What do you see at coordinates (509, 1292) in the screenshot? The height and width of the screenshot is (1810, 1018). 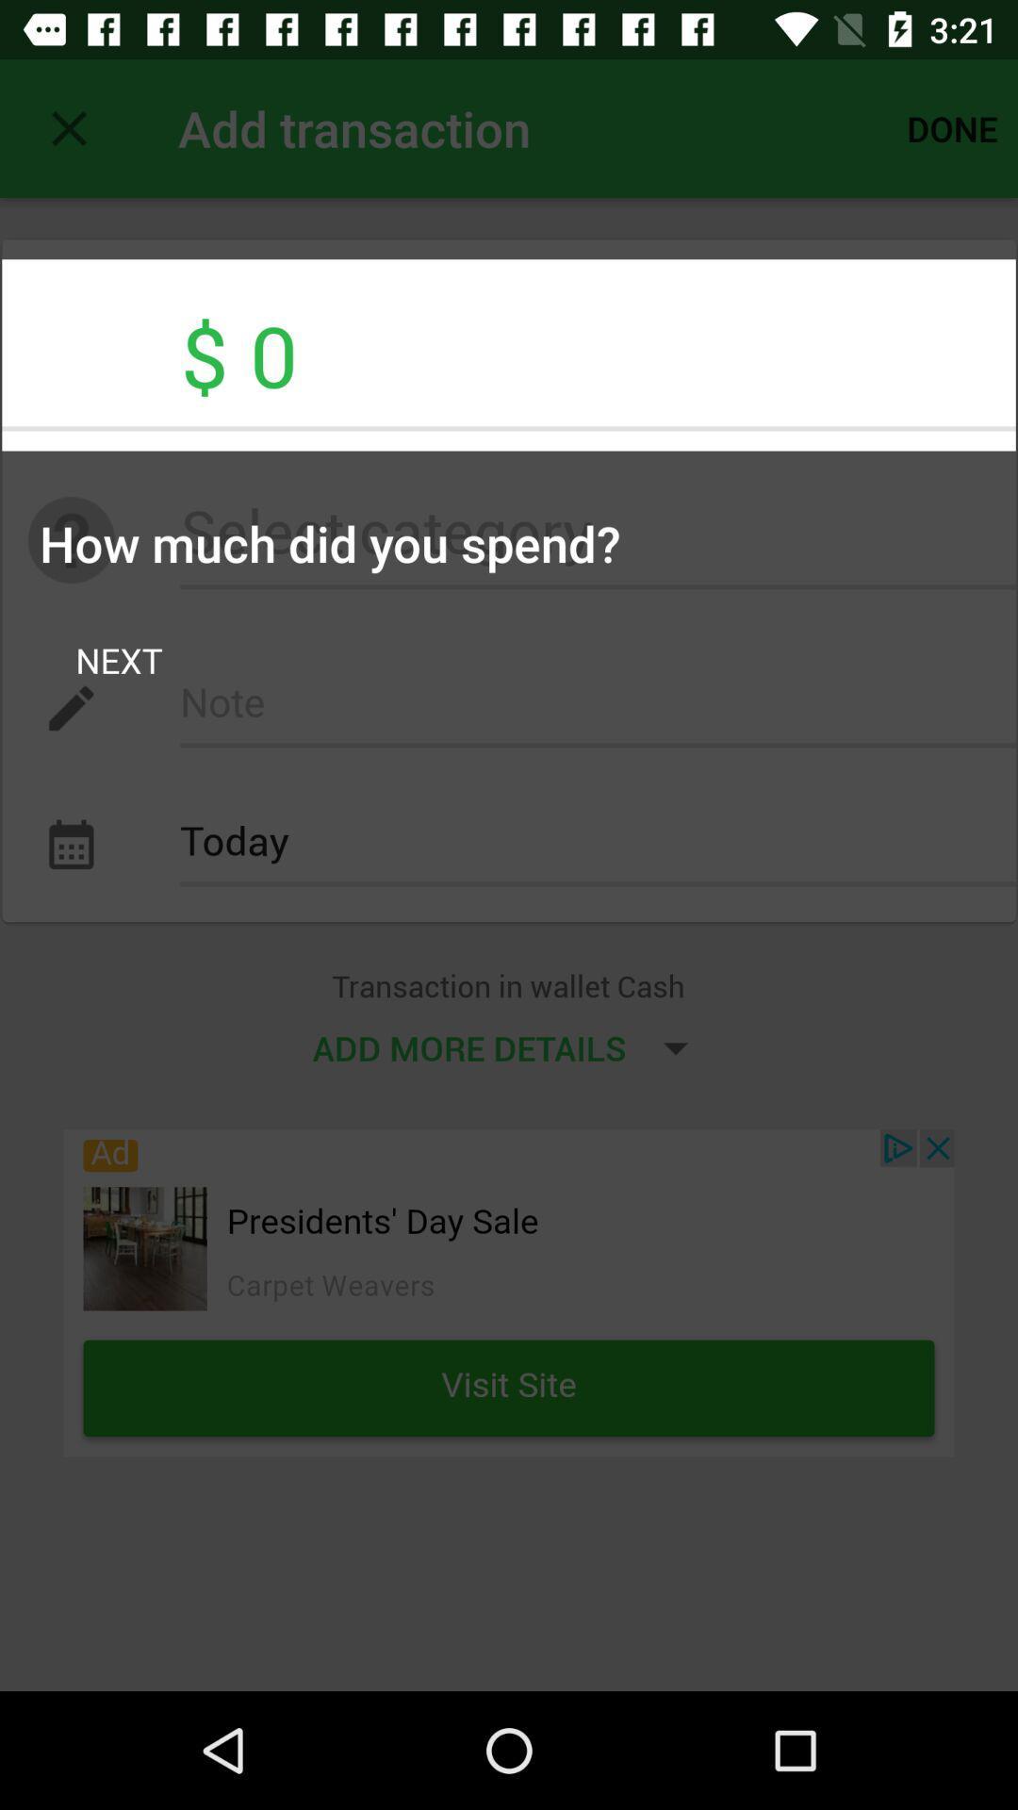 I see `the item below add more details` at bounding box center [509, 1292].